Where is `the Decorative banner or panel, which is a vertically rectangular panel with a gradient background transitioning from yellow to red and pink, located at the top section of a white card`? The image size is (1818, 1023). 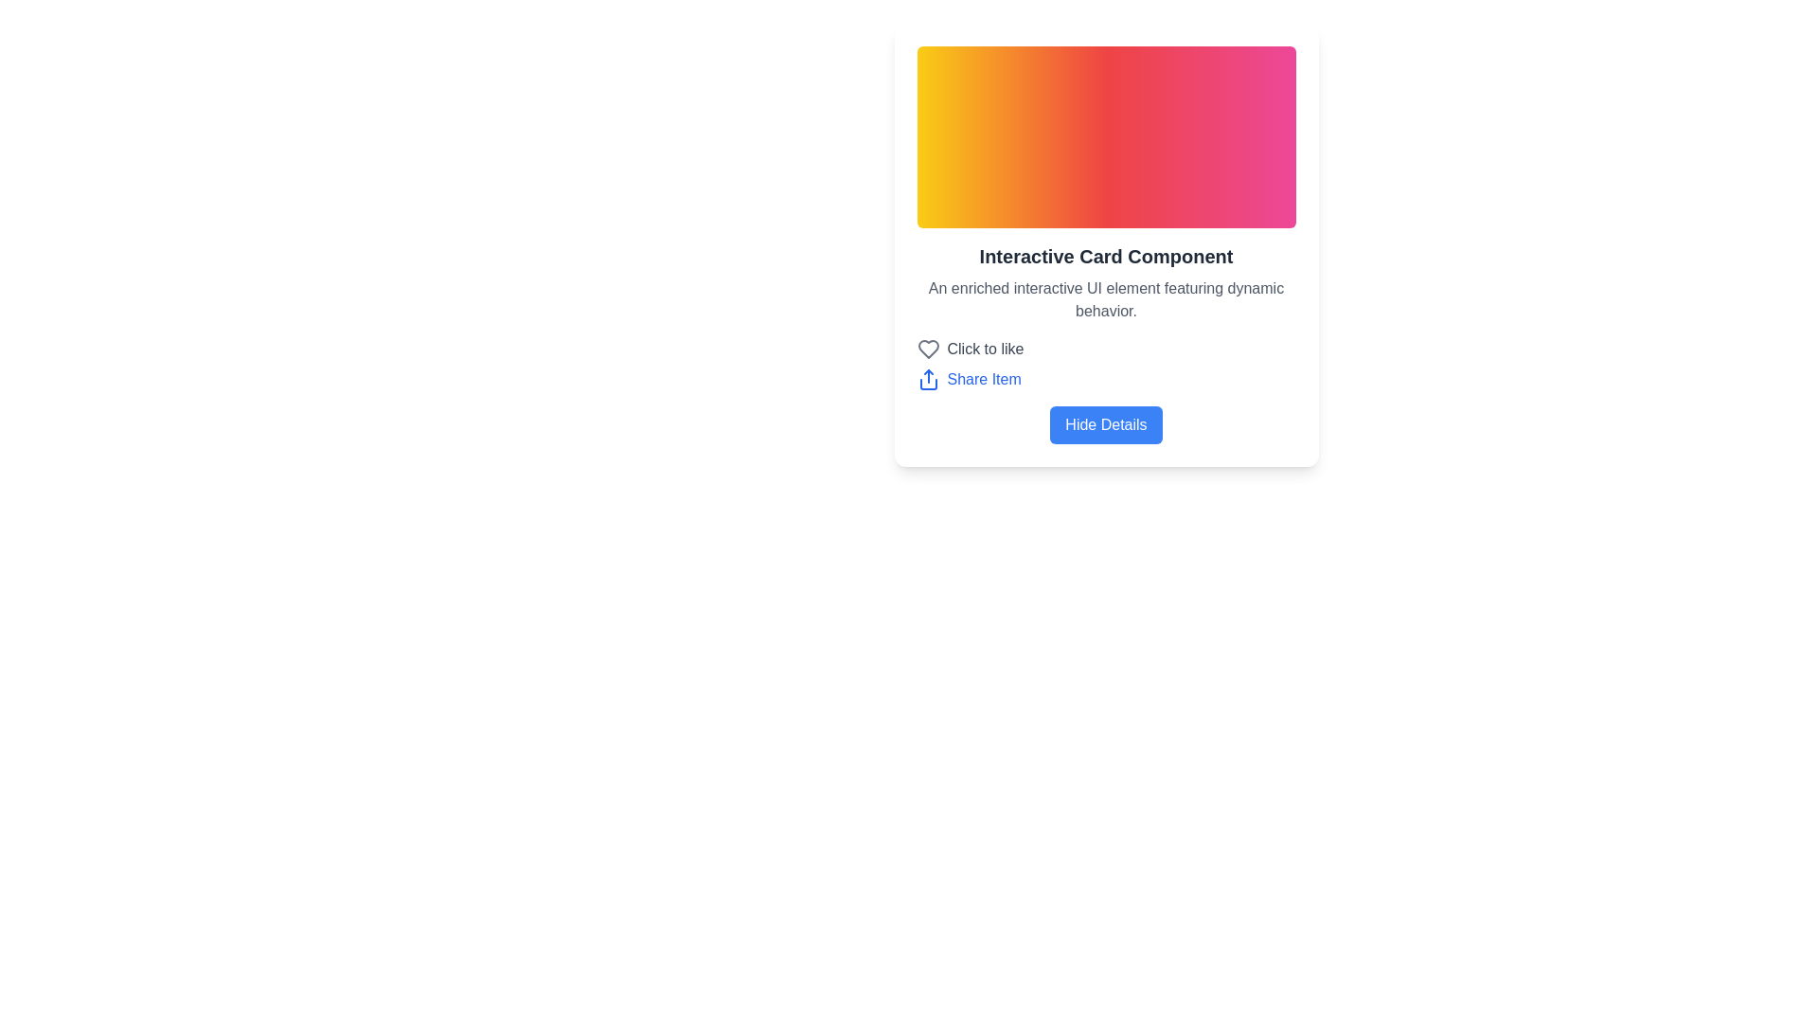
the Decorative banner or panel, which is a vertically rectangular panel with a gradient background transitioning from yellow to red and pink, located at the top section of a white card is located at coordinates (1106, 136).